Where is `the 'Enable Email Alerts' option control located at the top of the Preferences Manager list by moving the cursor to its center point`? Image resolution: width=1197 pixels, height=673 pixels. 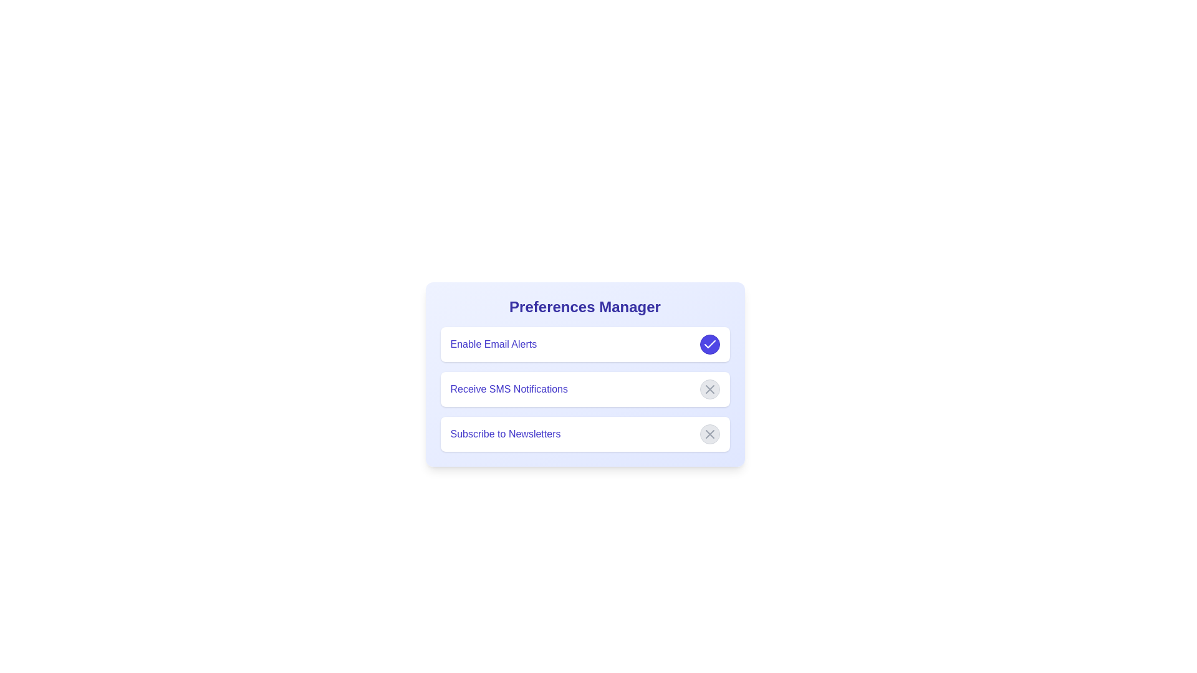
the 'Enable Email Alerts' option control located at the top of the Preferences Manager list by moving the cursor to its center point is located at coordinates (584, 344).